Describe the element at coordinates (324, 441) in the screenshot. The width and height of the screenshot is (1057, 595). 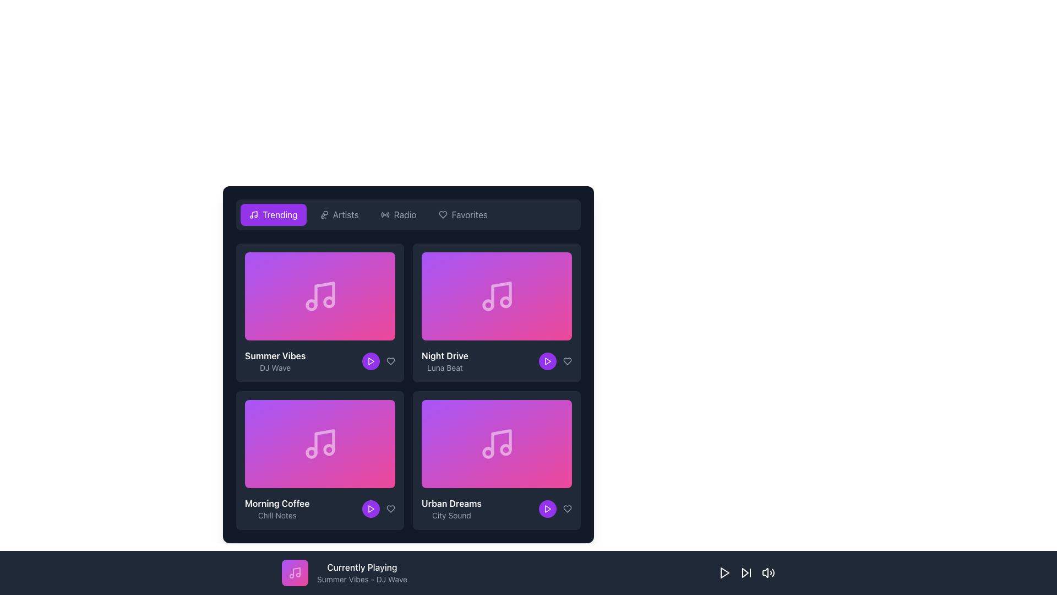
I see `the graphic element representing a music note in the 'Morning Coffee' section, located in the second row and first column of the grid layout` at that location.